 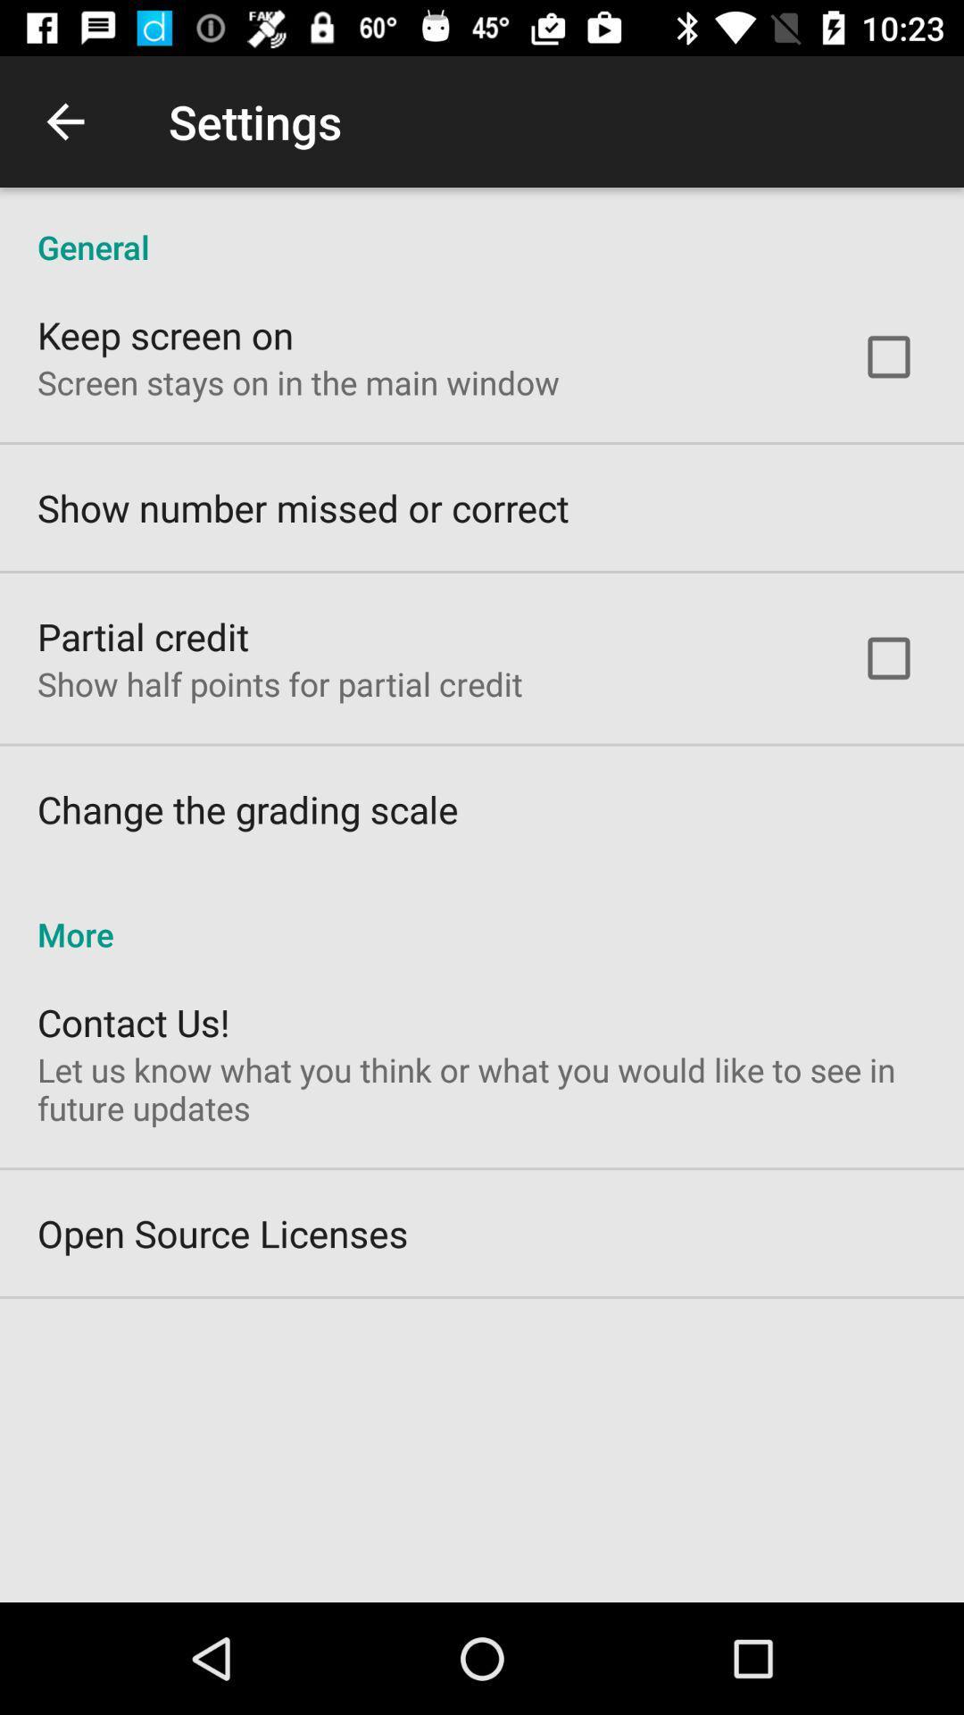 What do you see at coordinates (247, 808) in the screenshot?
I see `item above more` at bounding box center [247, 808].